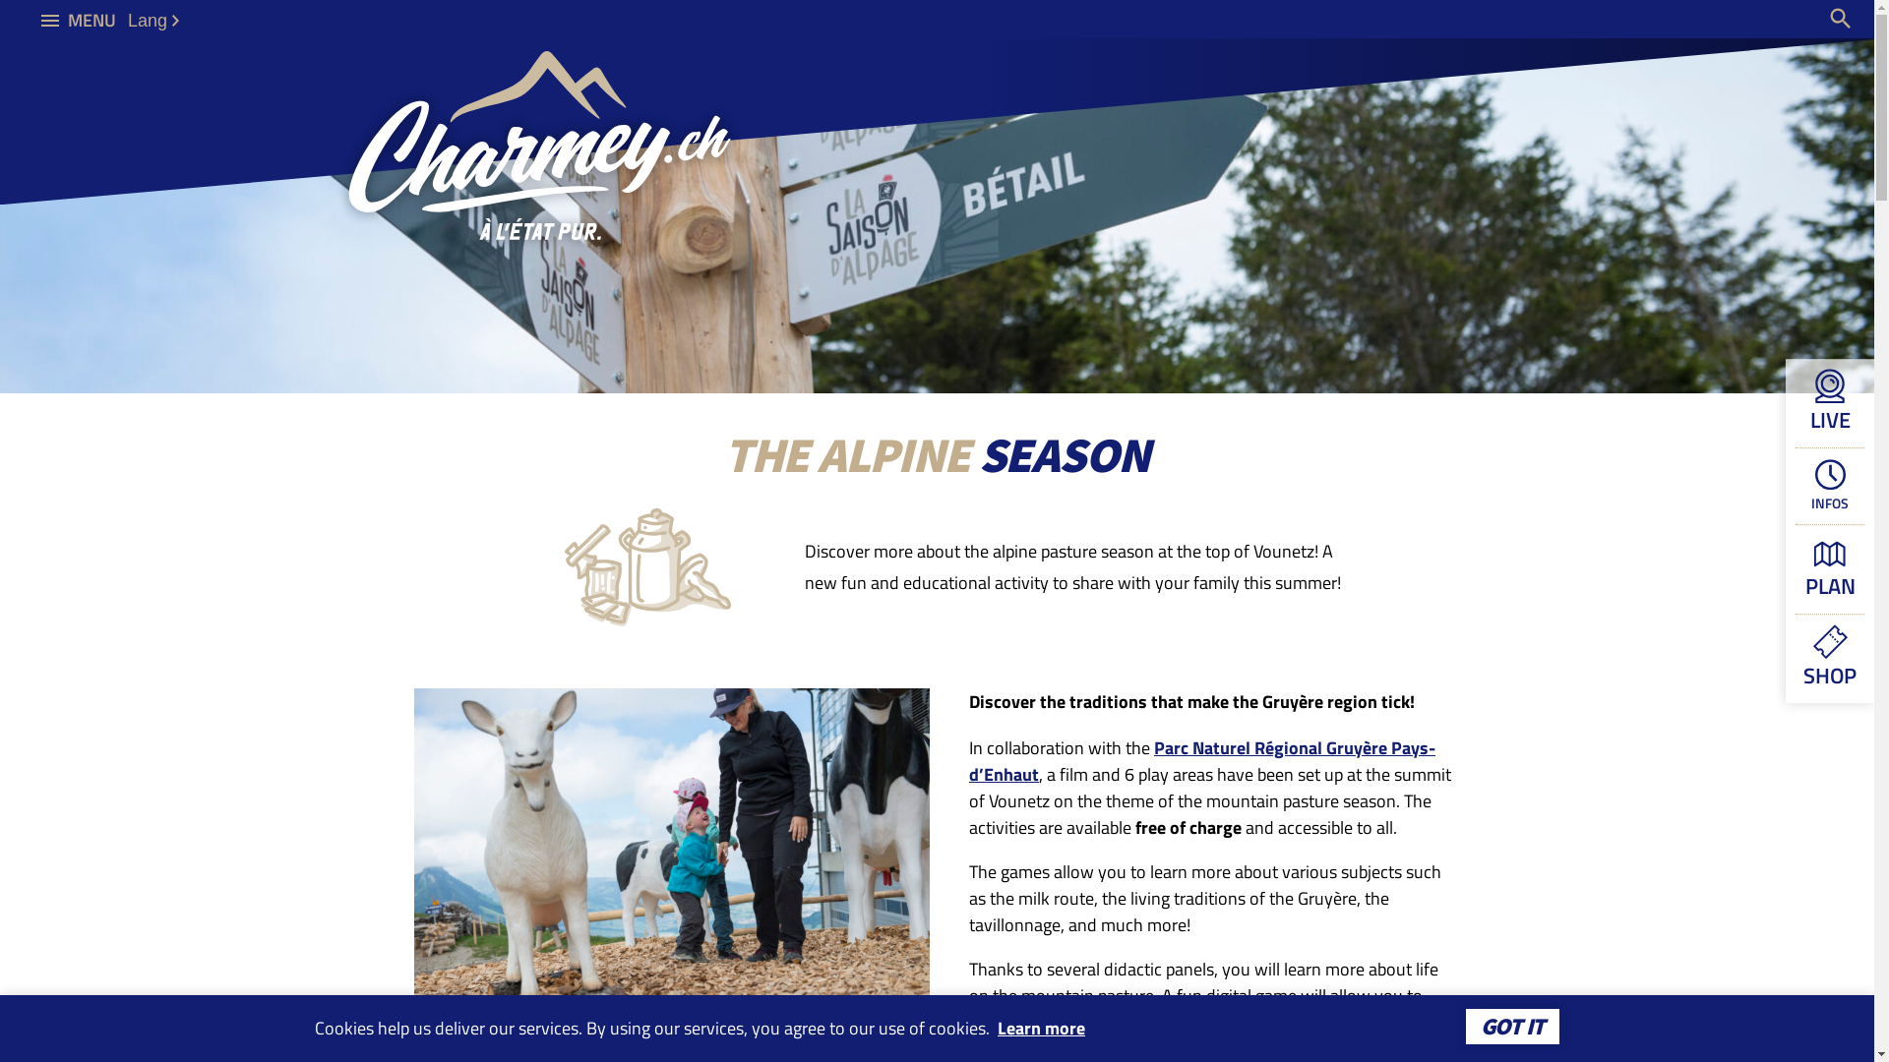 Image resolution: width=1889 pixels, height=1062 pixels. What do you see at coordinates (1829, 568) in the screenshot?
I see `'PLAN'` at bounding box center [1829, 568].